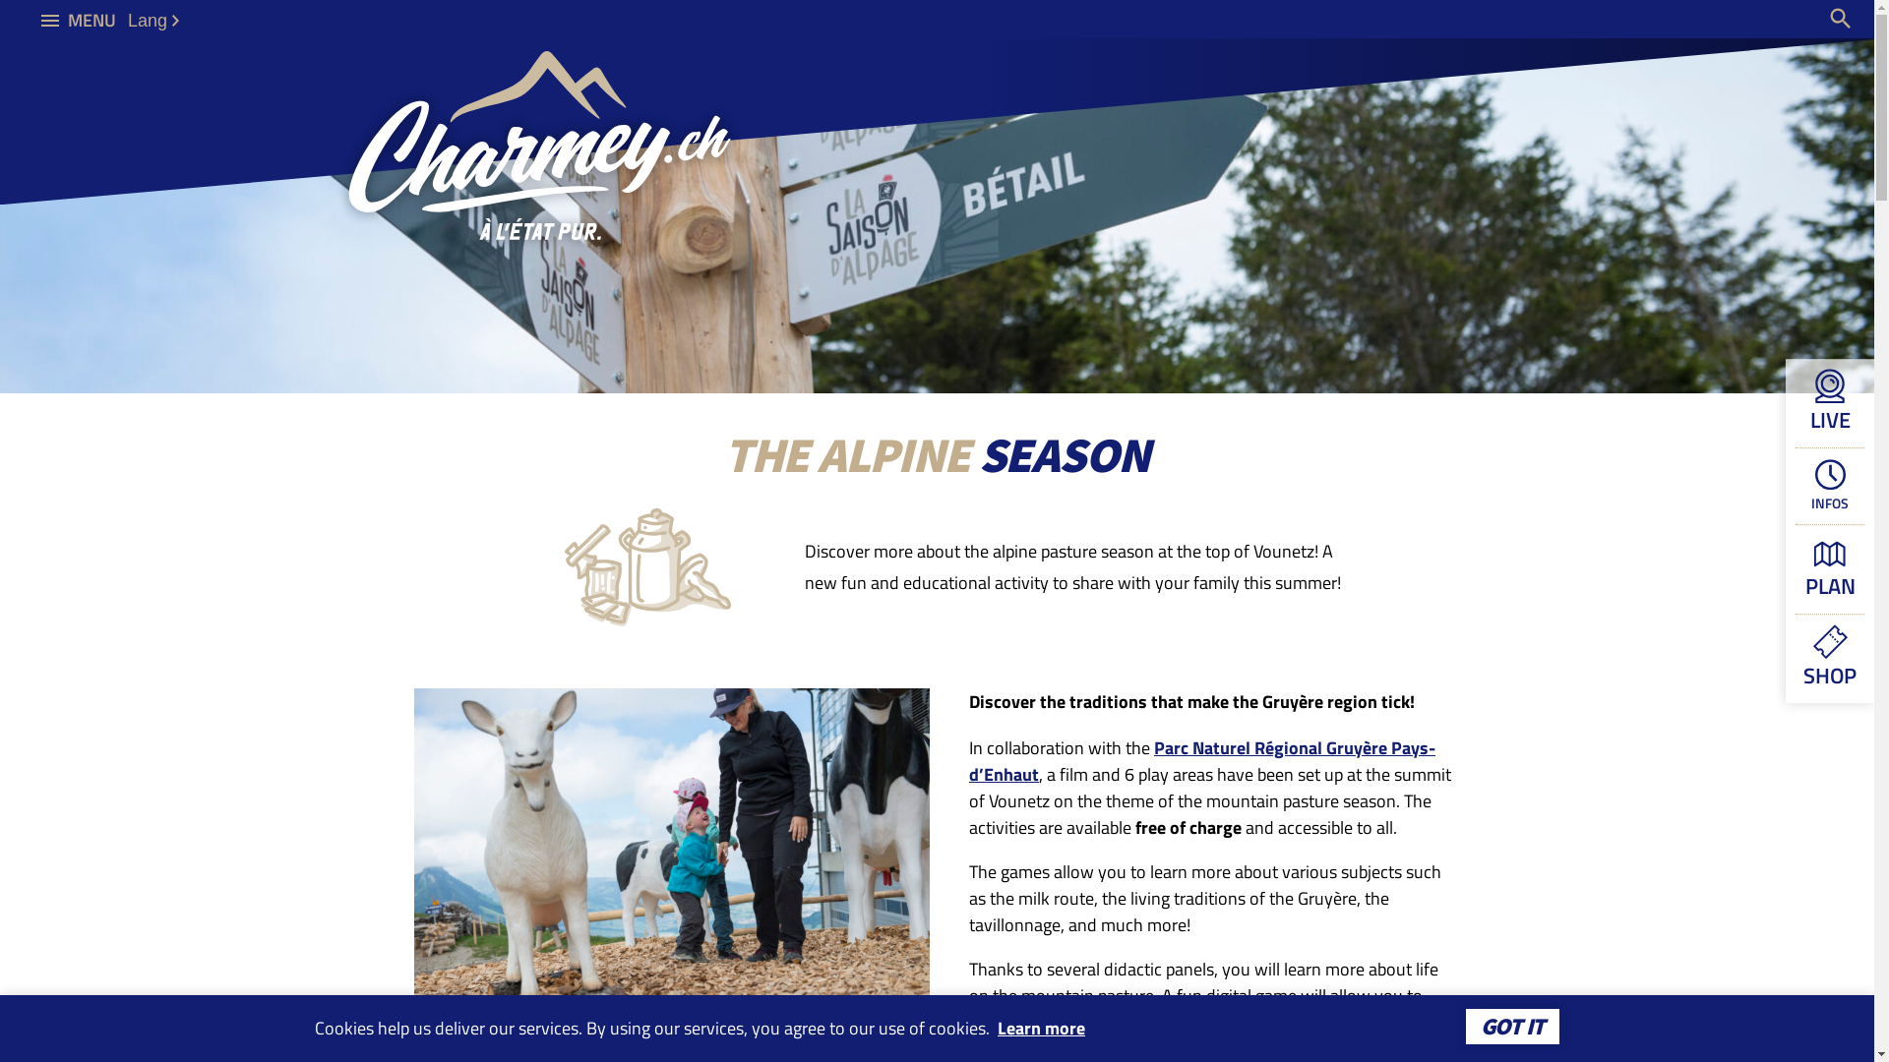 Image resolution: width=1889 pixels, height=1062 pixels. What do you see at coordinates (1829, 568) in the screenshot?
I see `'PLAN'` at bounding box center [1829, 568].